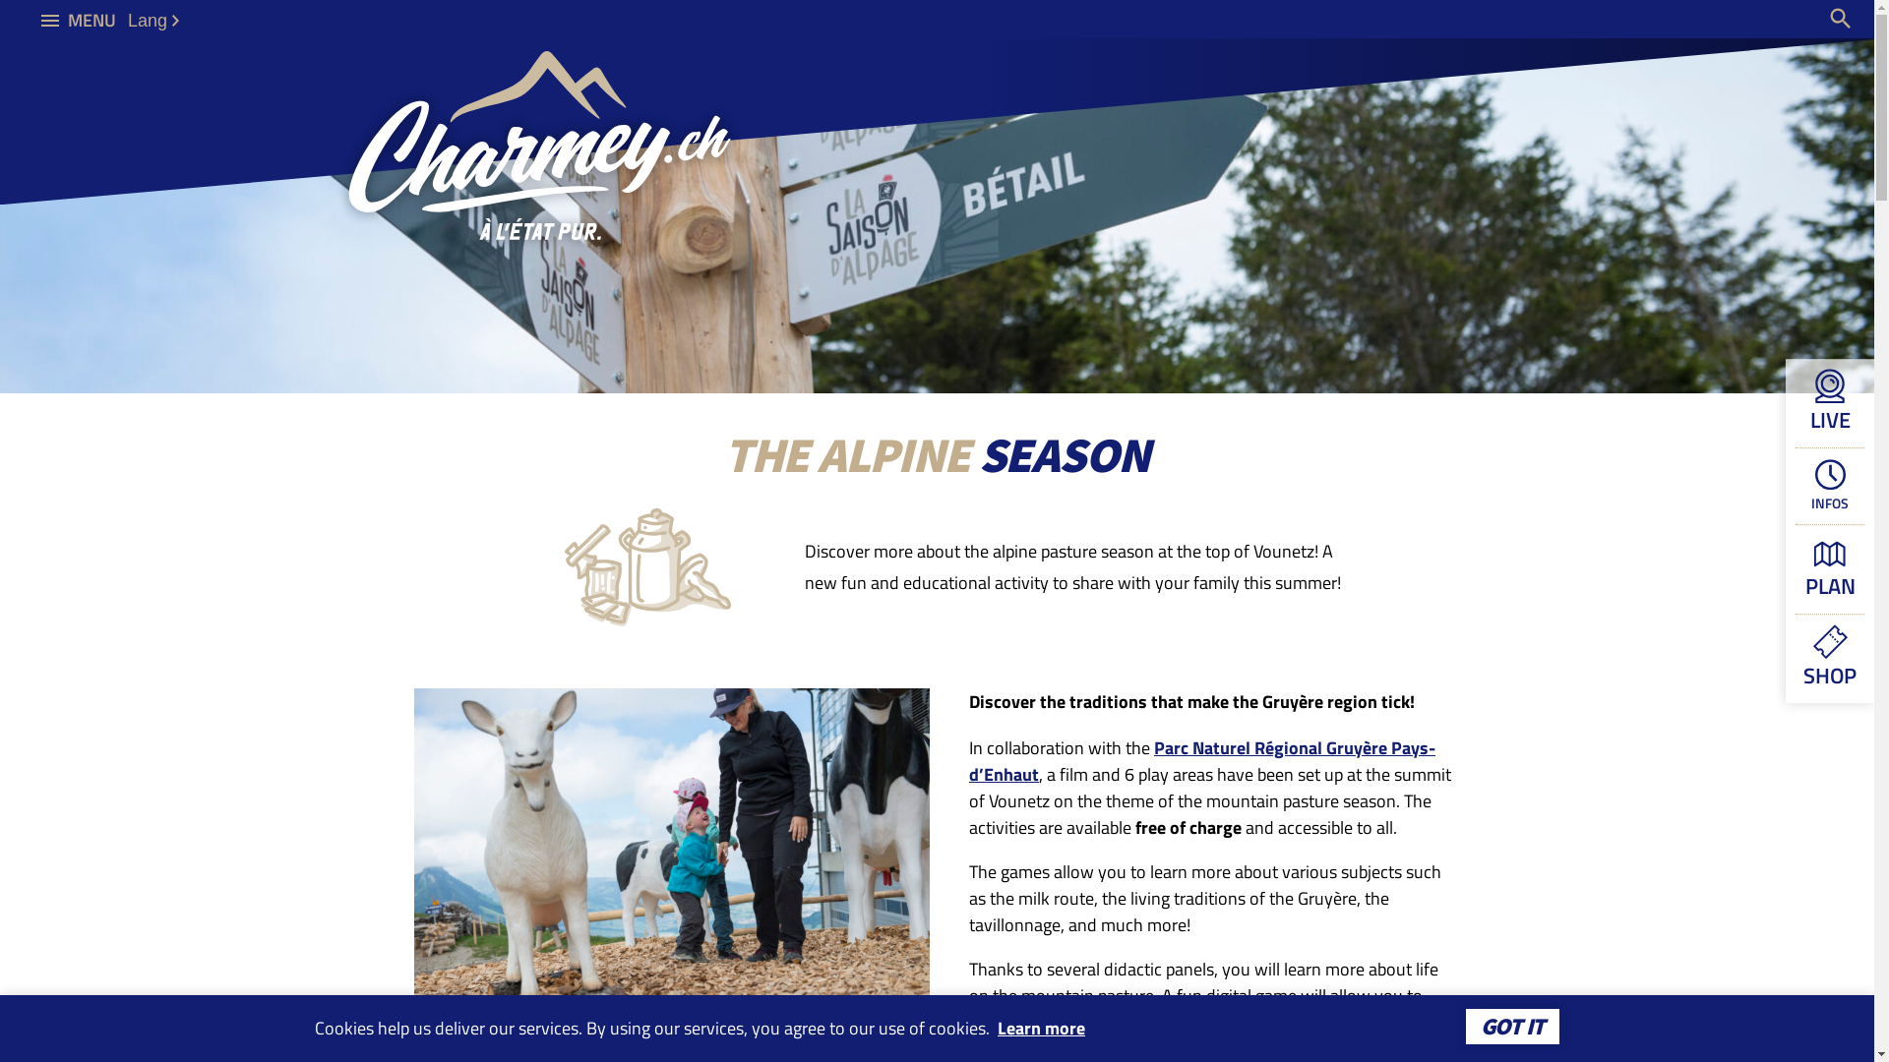 Image resolution: width=1889 pixels, height=1062 pixels. What do you see at coordinates (1829, 568) in the screenshot?
I see `'PLAN'` at bounding box center [1829, 568].